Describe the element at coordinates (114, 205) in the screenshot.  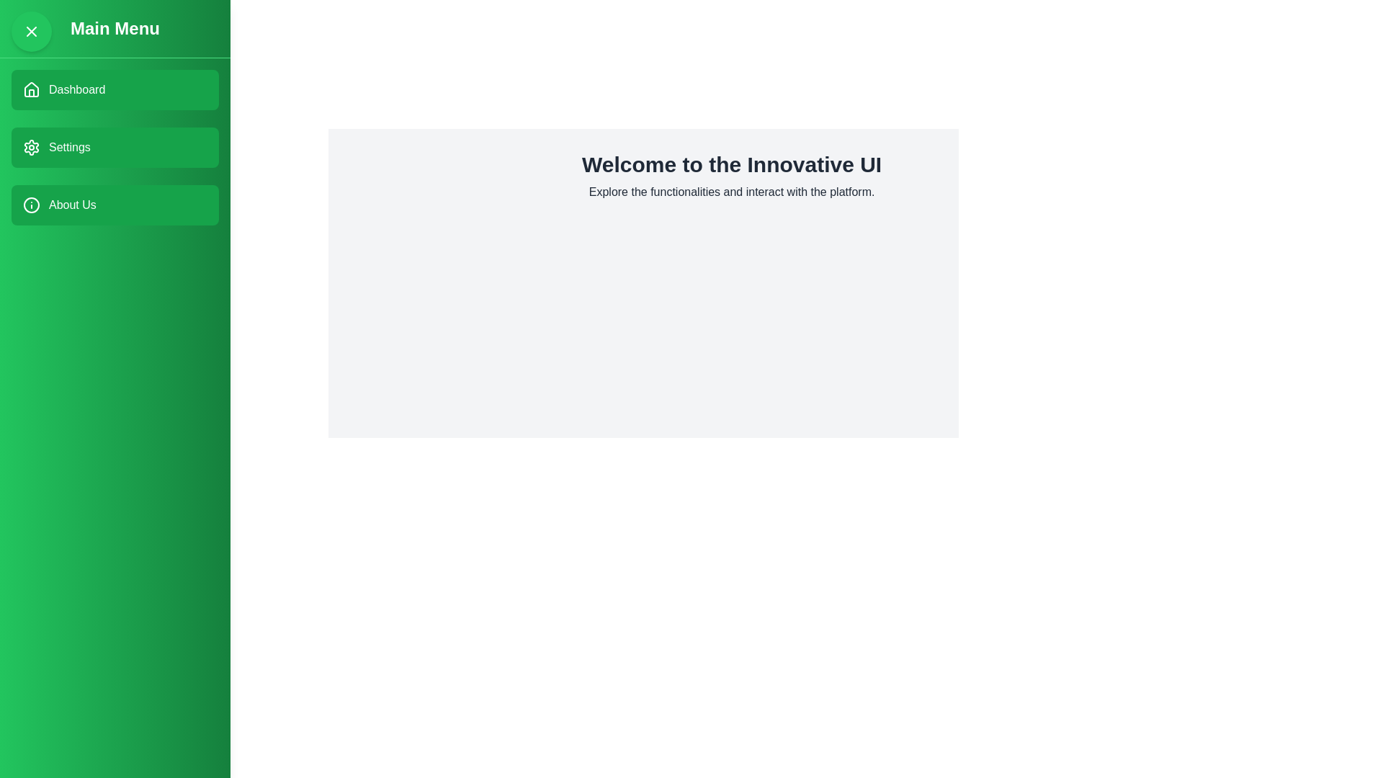
I see `the menu item About Us from the options Dashboard, Settings, and About Us` at that location.